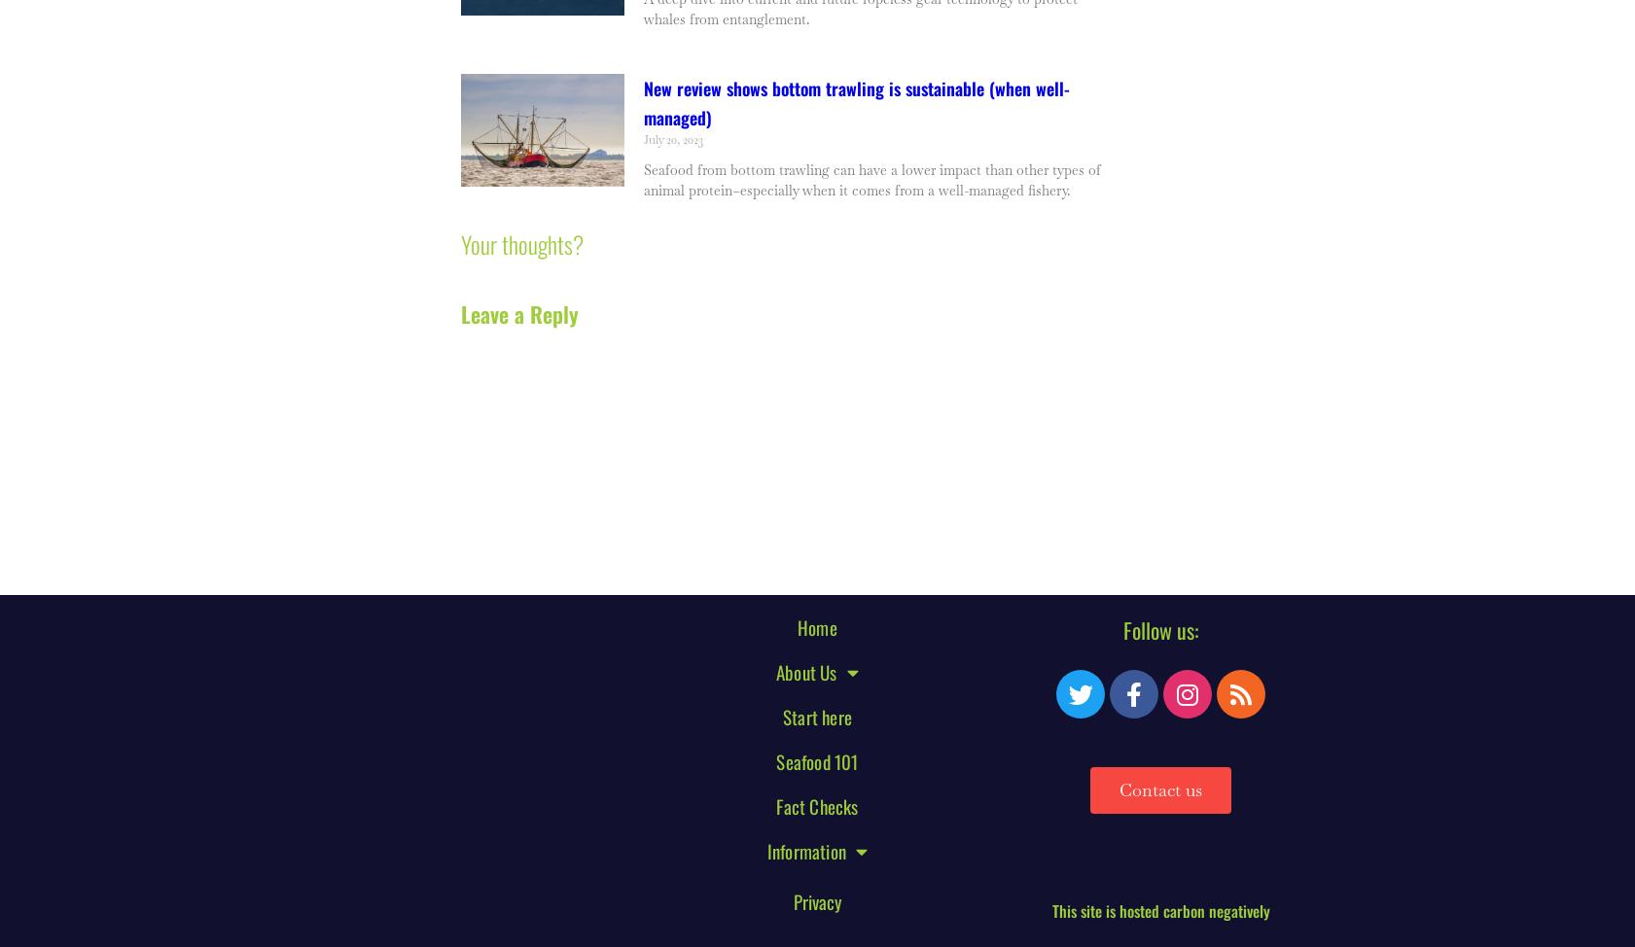  What do you see at coordinates (815, 625) in the screenshot?
I see `'Home'` at bounding box center [815, 625].